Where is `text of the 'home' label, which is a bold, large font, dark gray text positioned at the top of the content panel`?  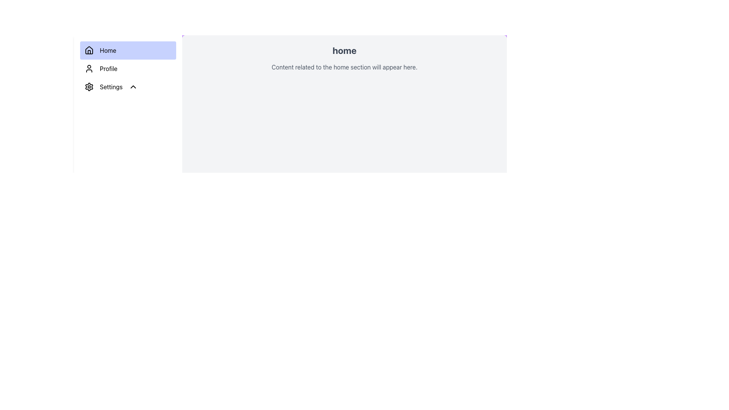 text of the 'home' label, which is a bold, large font, dark gray text positioned at the top of the content panel is located at coordinates (344, 50).